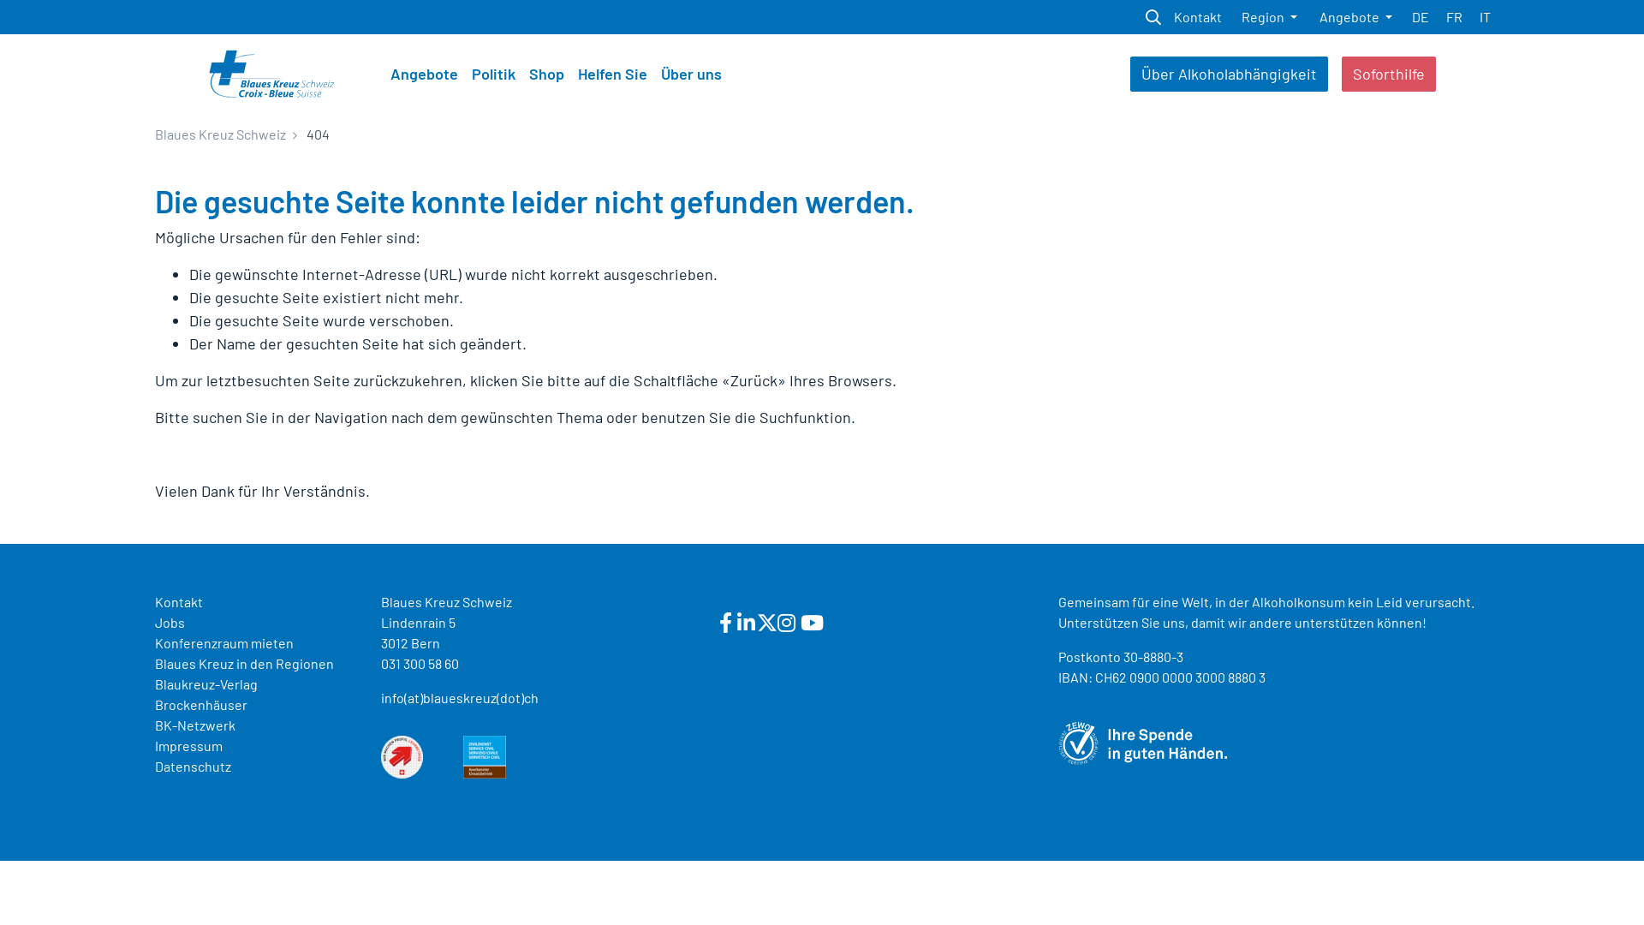 Image resolution: width=1644 pixels, height=925 pixels. Describe the element at coordinates (380, 662) in the screenshot. I see `'031 300 58 60'` at that location.